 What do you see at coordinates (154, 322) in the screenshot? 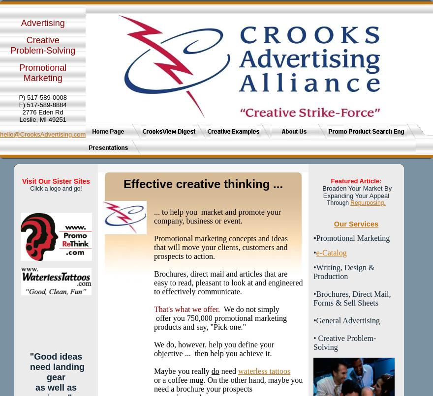
I see `'offer you 750,000 promotional marketing products and say, "Pick one."'` at bounding box center [154, 322].